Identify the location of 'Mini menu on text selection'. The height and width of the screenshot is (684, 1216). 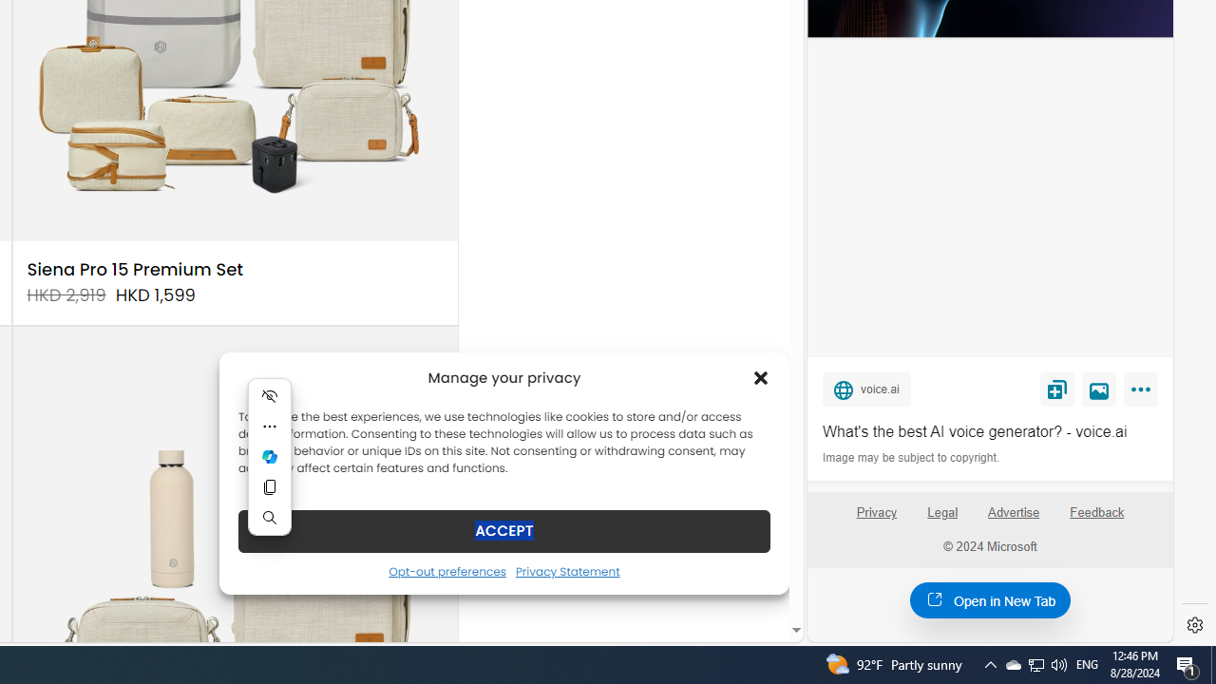
(269, 468).